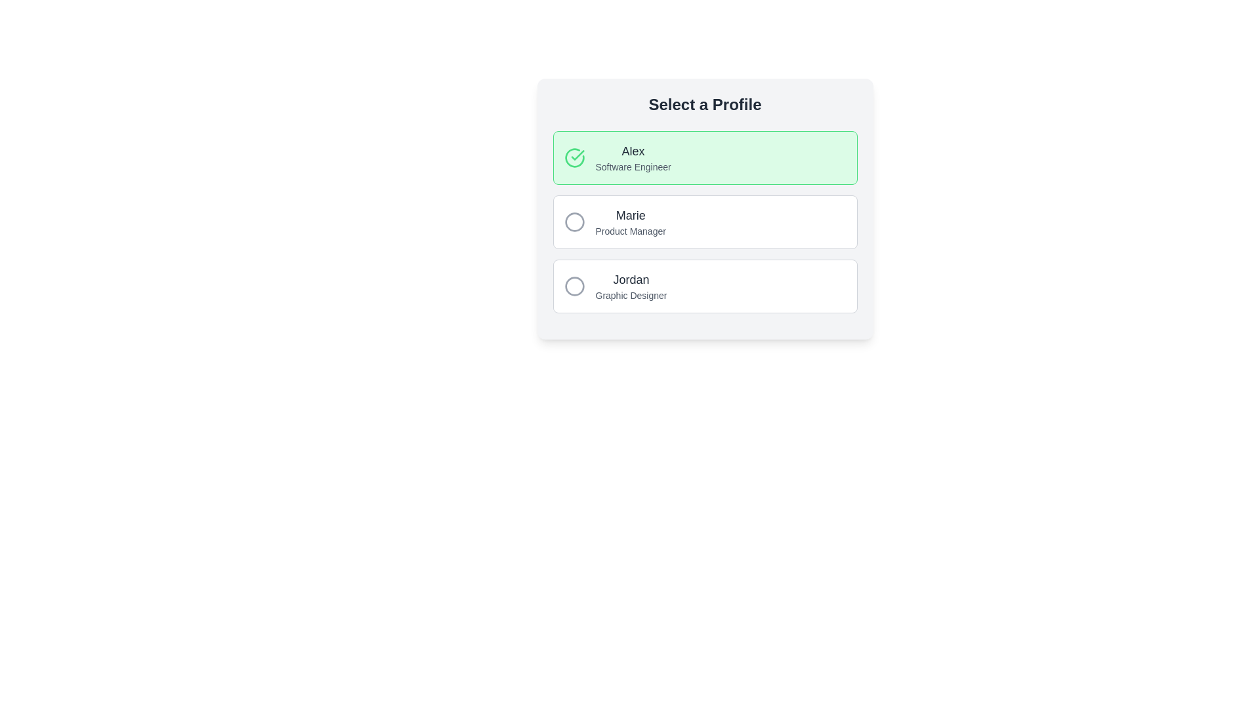 The height and width of the screenshot is (708, 1260). I want to click on the text label that identifies the selected profile 'Alex Software Engineer', located in the light green highlighted box near the top-left corner, above the smaller text 'Software Engineer', so click(633, 151).